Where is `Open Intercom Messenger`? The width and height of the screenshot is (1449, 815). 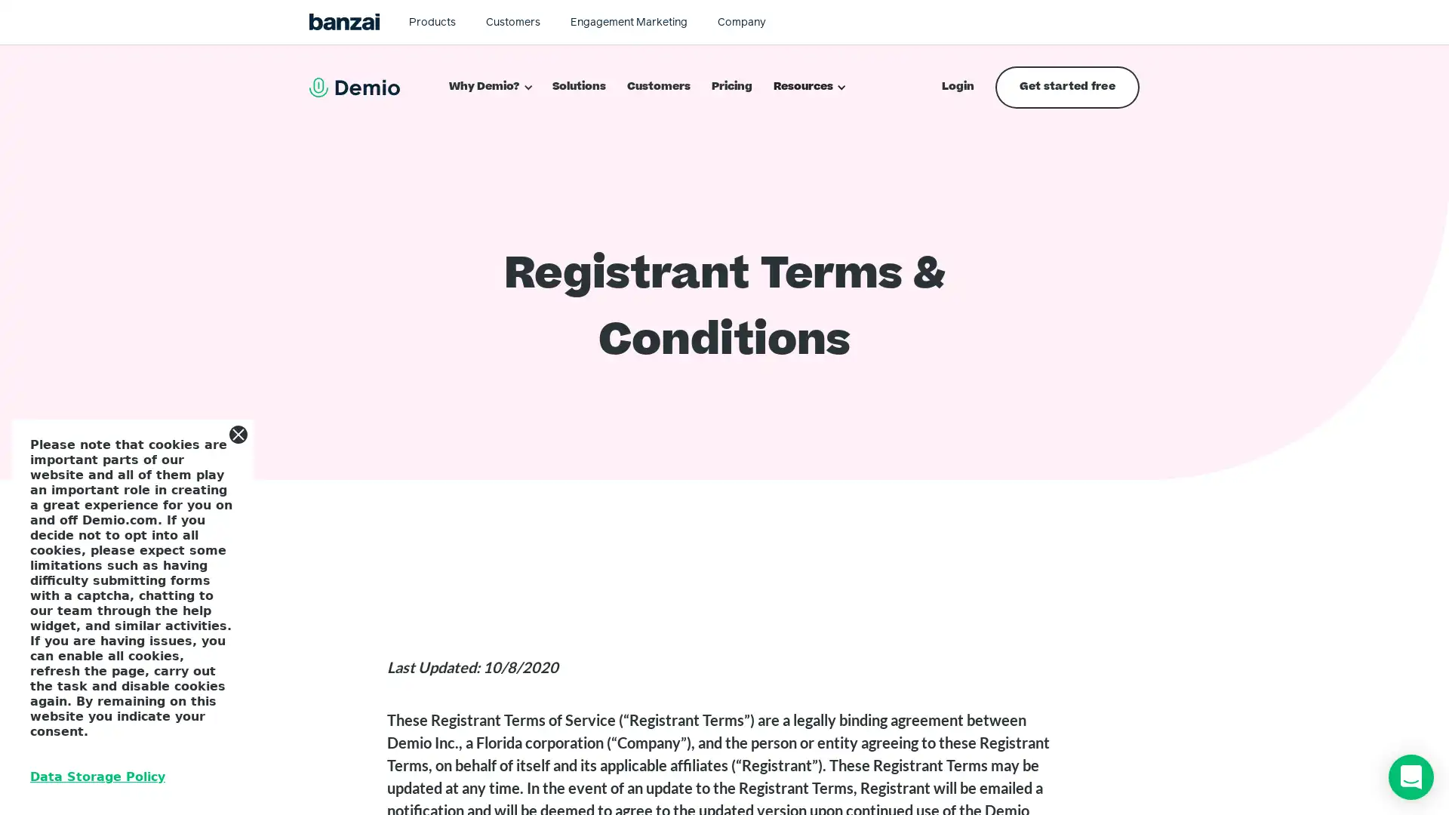 Open Intercom Messenger is located at coordinates (1411, 777).